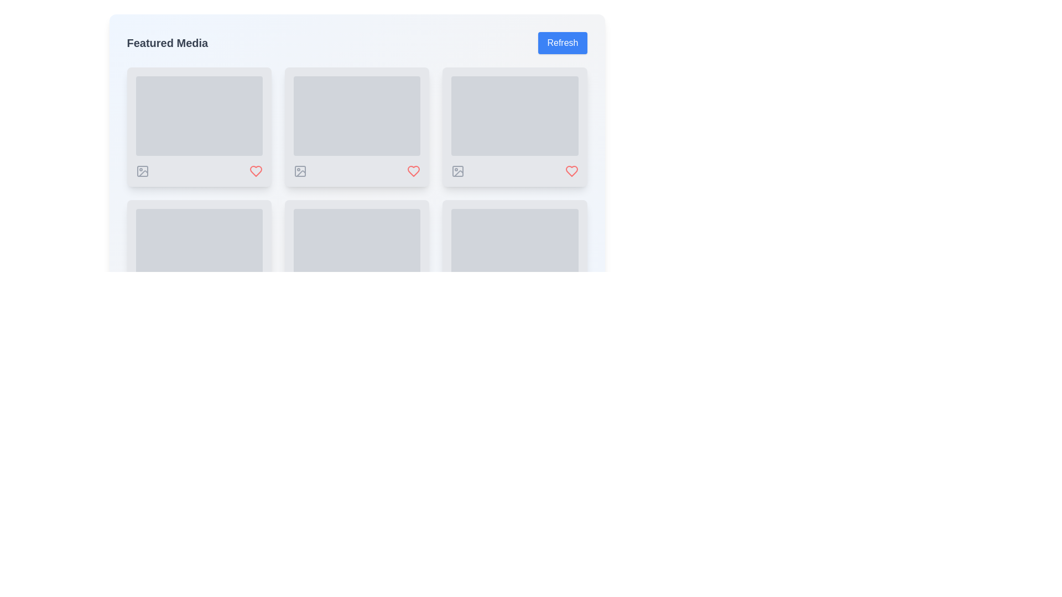 Image resolution: width=1062 pixels, height=597 pixels. I want to click on the gray placeholder or frame component with rounded corners located in the second column of the first row in a grid layout, so click(357, 116).